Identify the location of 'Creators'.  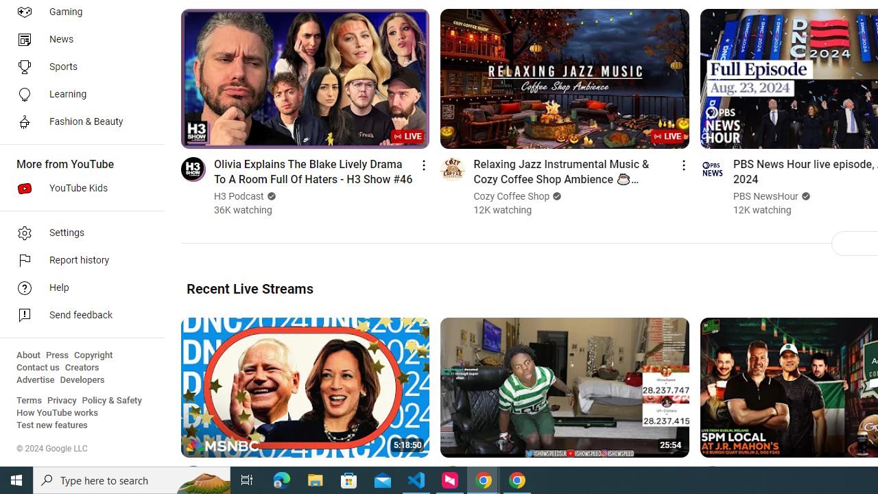
(81, 367).